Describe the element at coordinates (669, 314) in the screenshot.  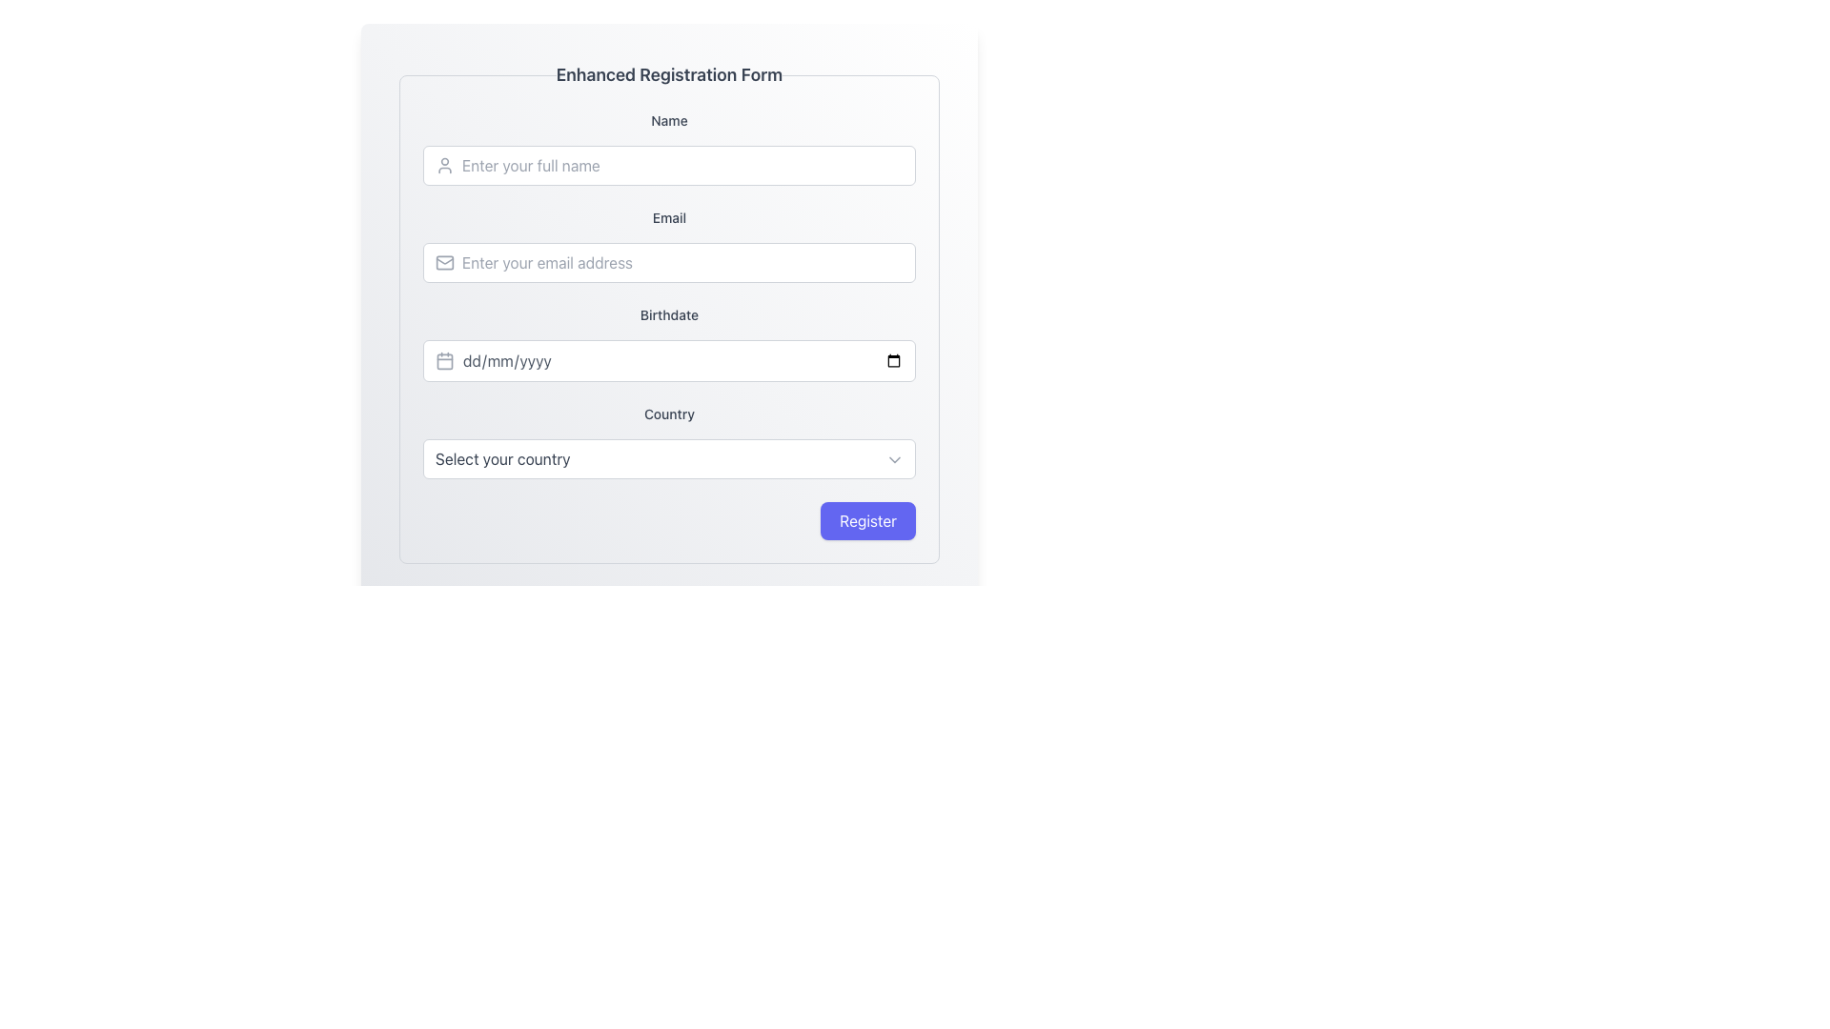
I see `text of the 'Birthdate' label displayed in gray above the date input field in the form layout` at that location.